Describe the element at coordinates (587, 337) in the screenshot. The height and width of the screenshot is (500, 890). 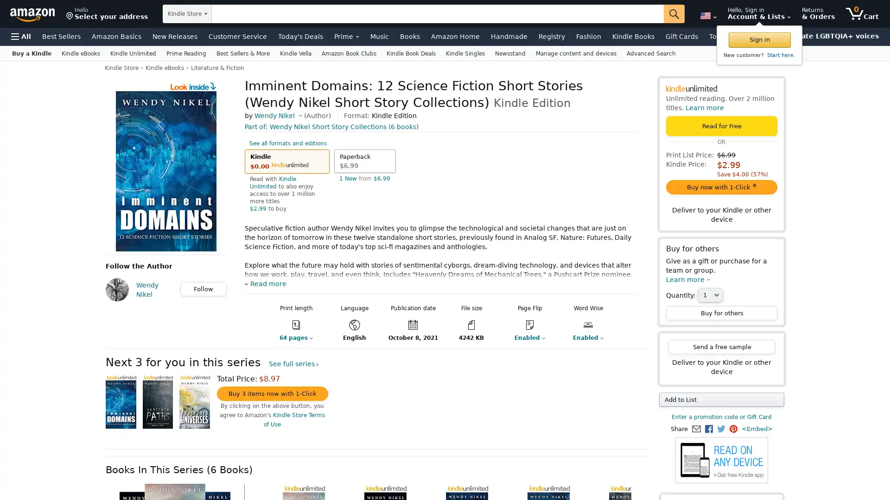
I see `Enabled` at that location.